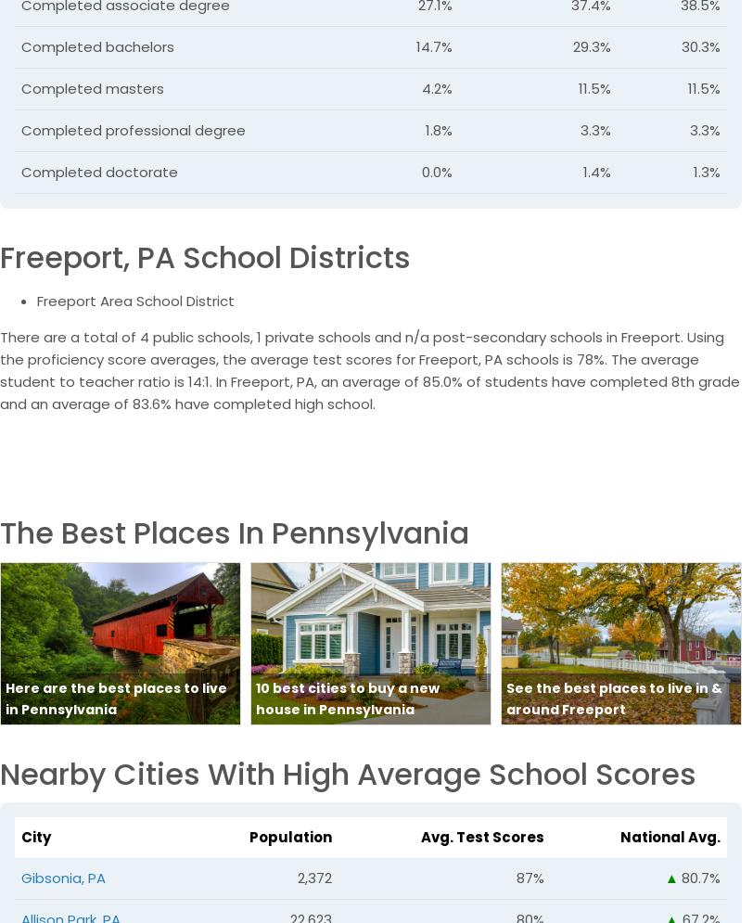 The image size is (753, 923). What do you see at coordinates (63, 878) in the screenshot?
I see `'Gibsonia, PA'` at bounding box center [63, 878].